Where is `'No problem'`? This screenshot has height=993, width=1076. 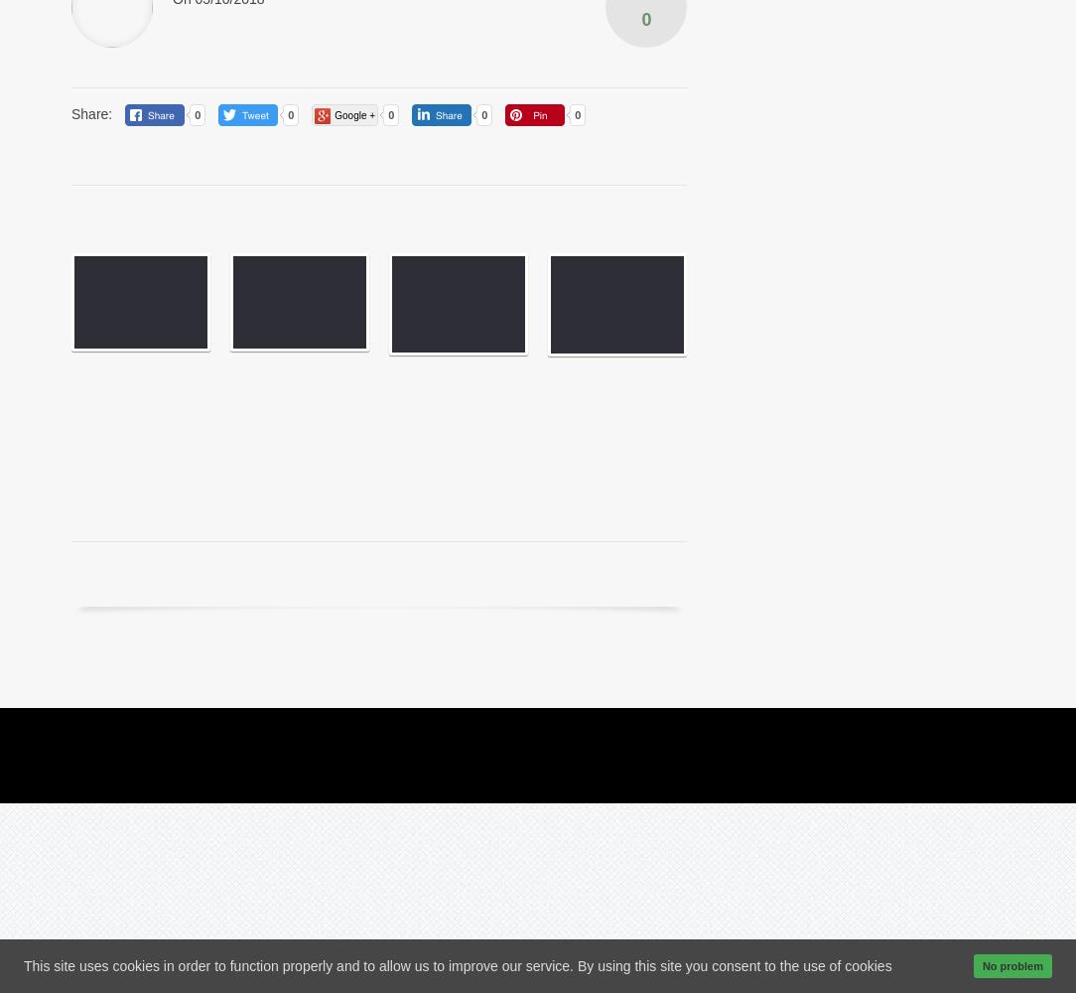 'No problem' is located at coordinates (1011, 965).